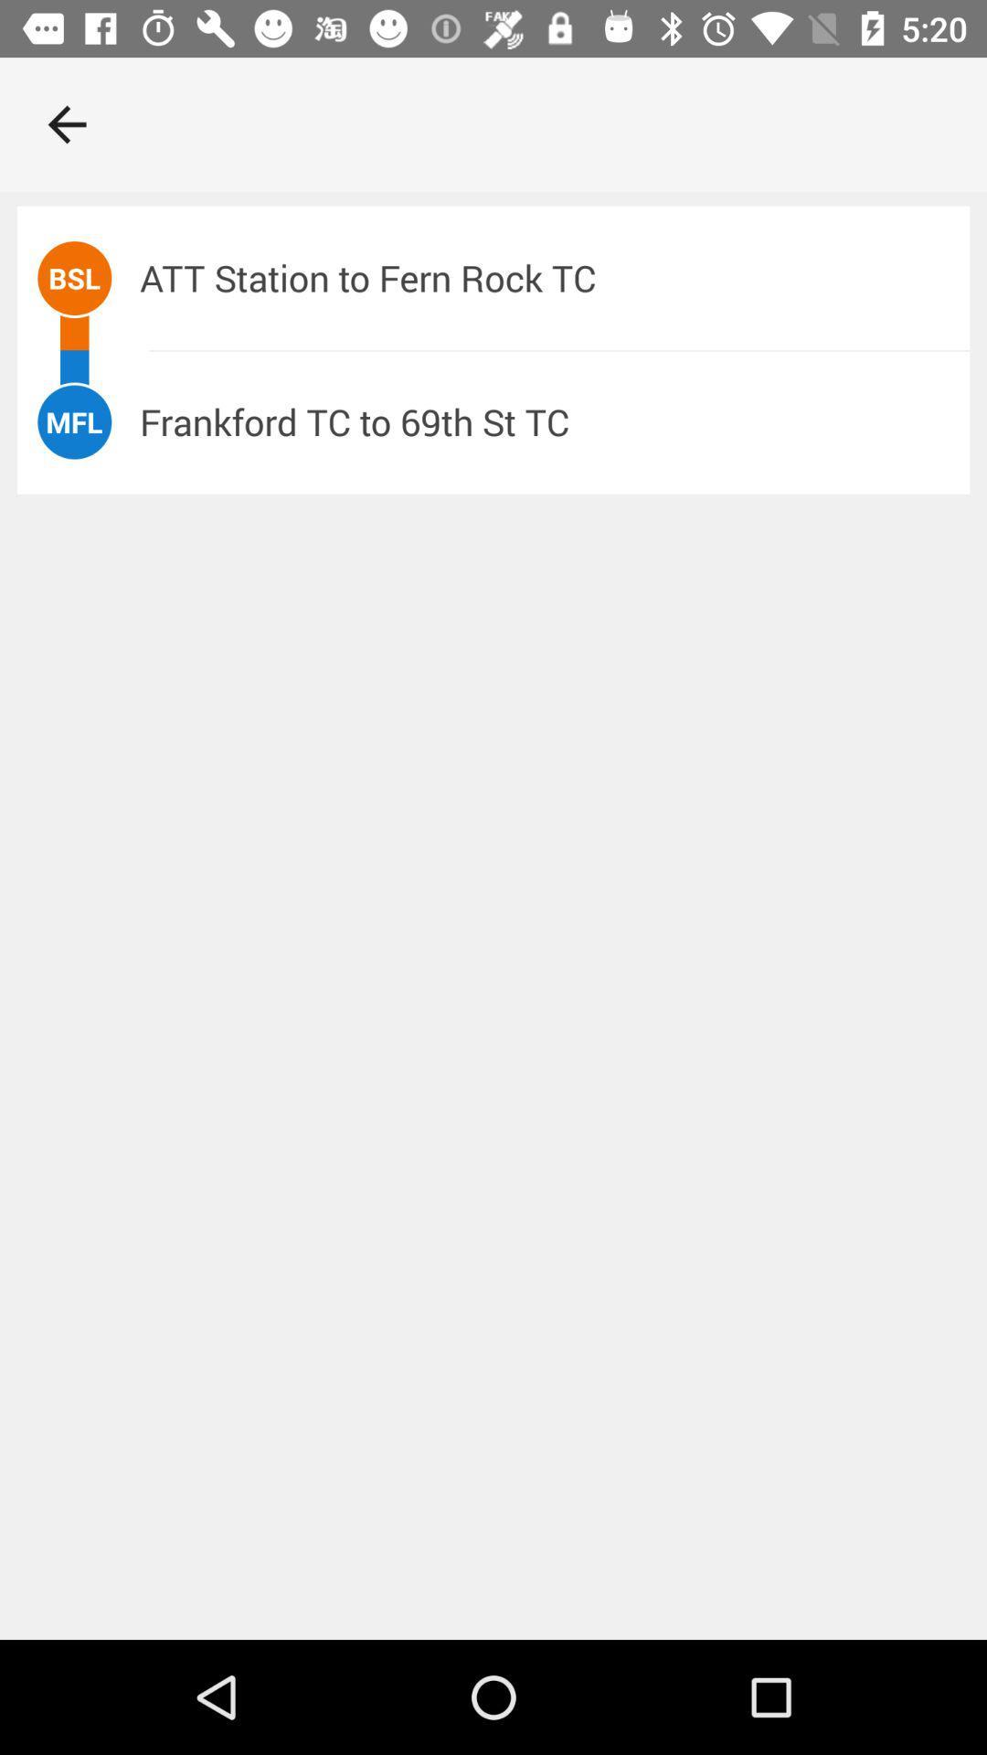 The width and height of the screenshot is (987, 1755). I want to click on the item next to att station to icon, so click(73, 277).